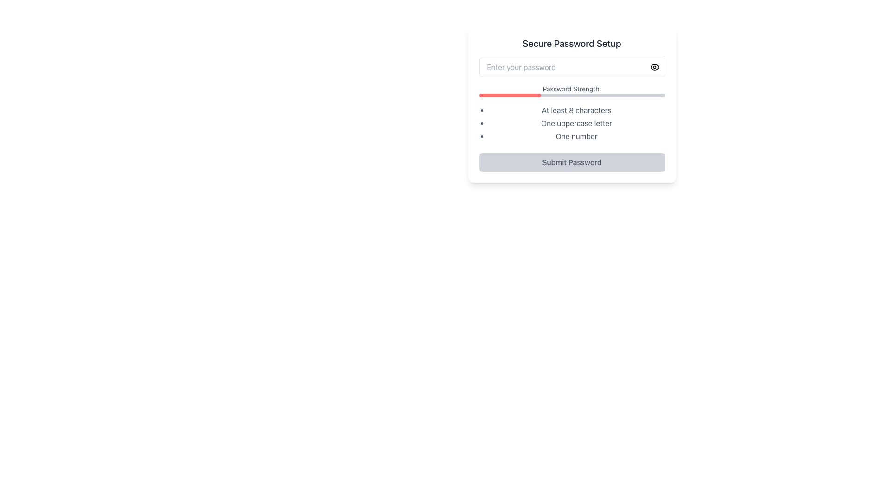 The image size is (891, 501). I want to click on the 'Submit Password' button located at the bottom of the 'Secure Password Setup' interface, so click(571, 162).